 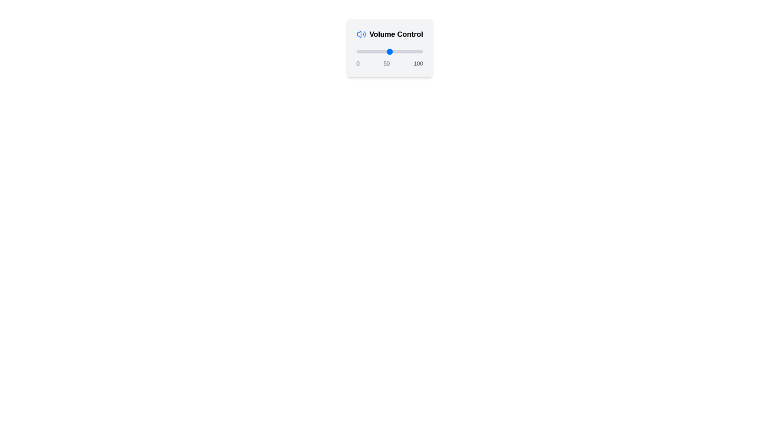 What do you see at coordinates (411, 51) in the screenshot?
I see `the volume` at bounding box center [411, 51].